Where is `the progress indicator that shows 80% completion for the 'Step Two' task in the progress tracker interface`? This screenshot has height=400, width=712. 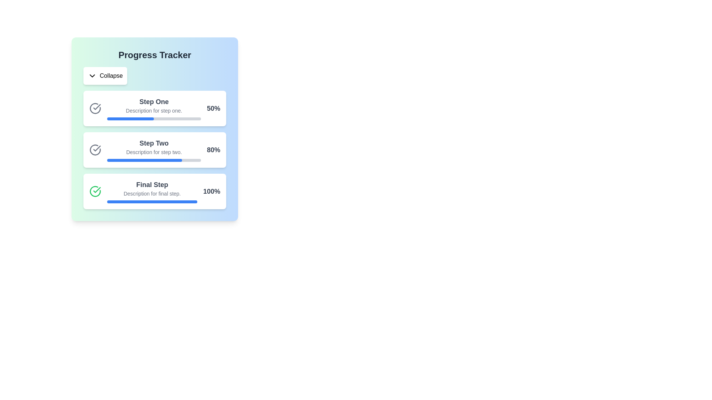 the progress indicator that shows 80% completion for the 'Step Two' task in the progress tracker interface is located at coordinates (145, 160).